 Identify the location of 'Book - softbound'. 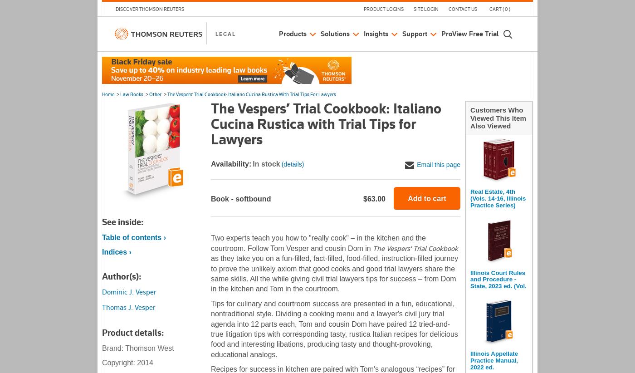
(241, 198).